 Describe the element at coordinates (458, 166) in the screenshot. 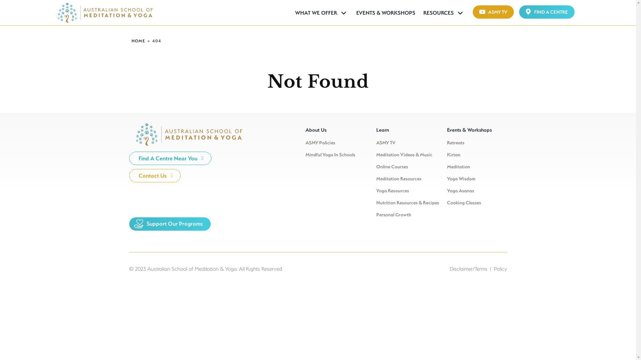

I see `'Meditation'` at that location.